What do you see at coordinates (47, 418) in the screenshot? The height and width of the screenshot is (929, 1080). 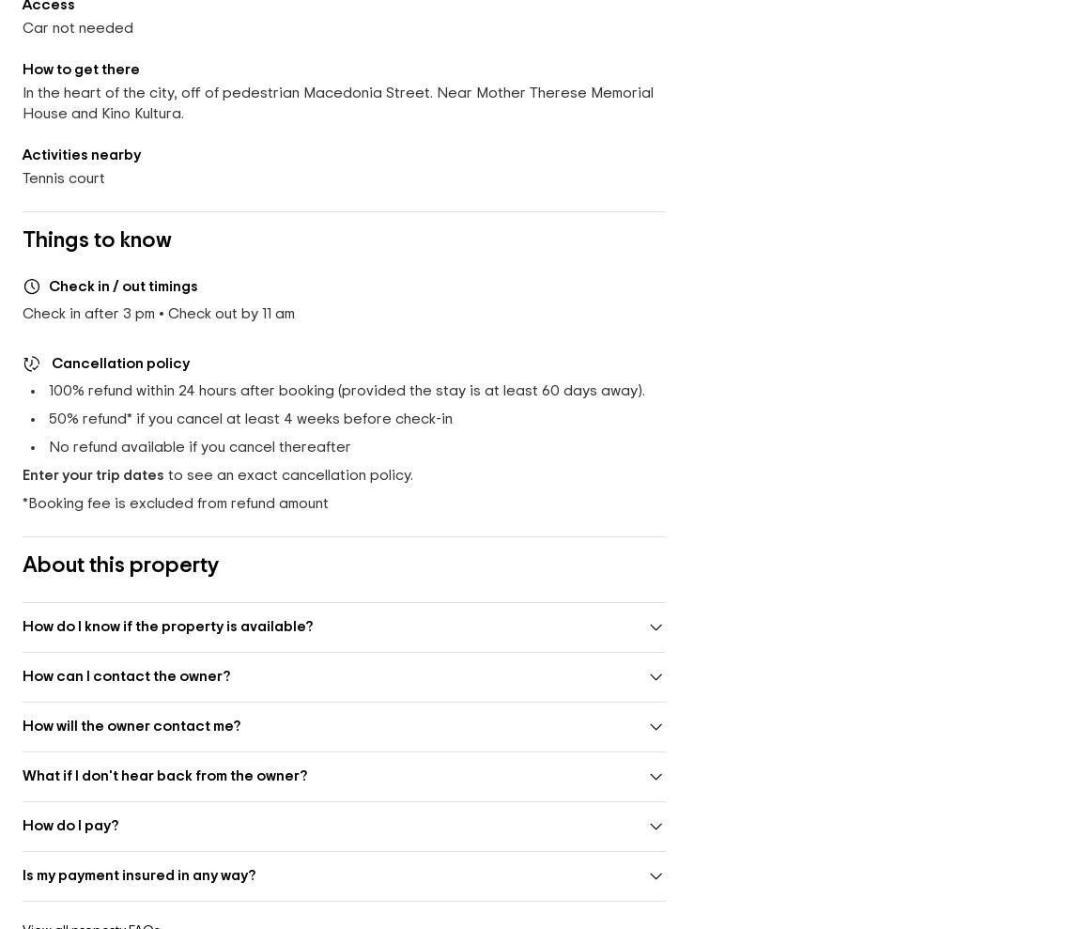 I see `'50'` at bounding box center [47, 418].